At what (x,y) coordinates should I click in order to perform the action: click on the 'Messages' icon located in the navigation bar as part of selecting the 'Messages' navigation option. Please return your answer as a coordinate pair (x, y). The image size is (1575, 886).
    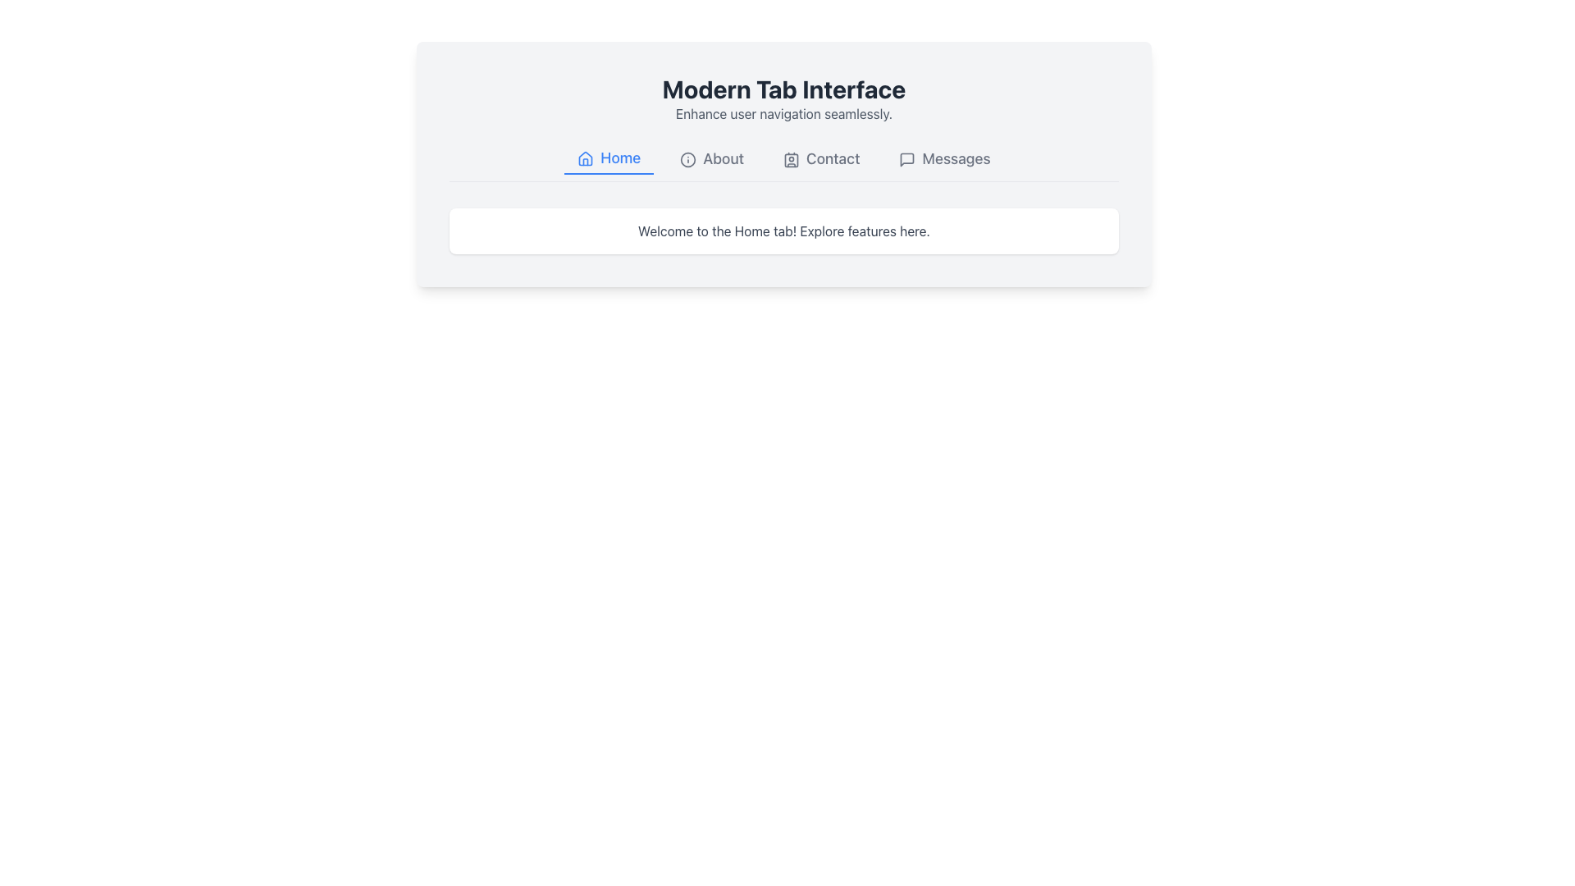
    Looking at the image, I should click on (906, 160).